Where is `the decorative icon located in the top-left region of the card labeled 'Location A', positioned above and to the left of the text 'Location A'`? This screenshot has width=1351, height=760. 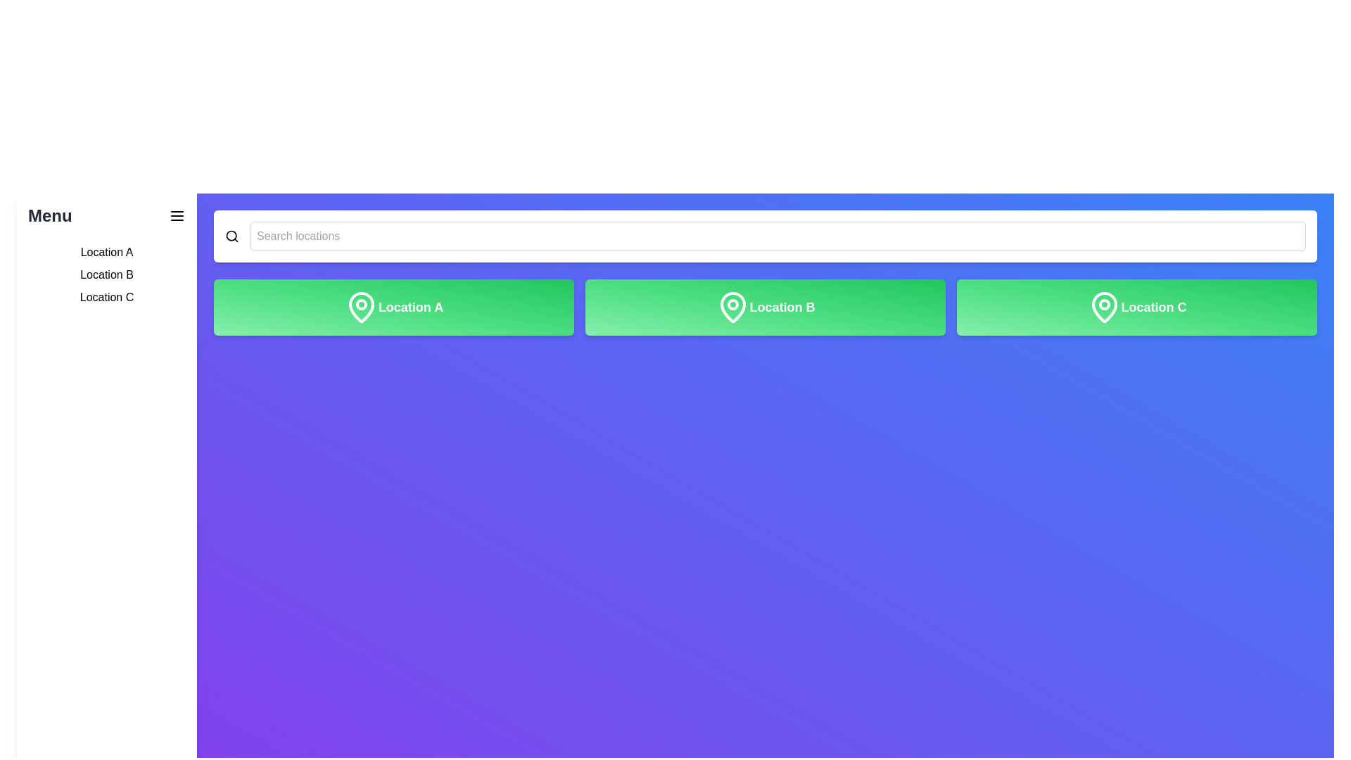
the decorative icon located in the top-left region of the card labeled 'Location A', positioned above and to the left of the text 'Location A' is located at coordinates (361, 306).